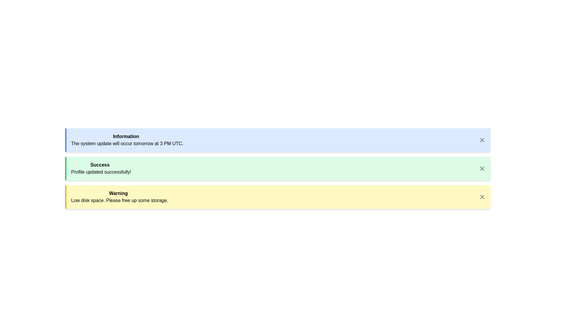 The image size is (569, 320). I want to click on the close button located in the top-right corner of the blue 'Information' notification, so click(482, 140).